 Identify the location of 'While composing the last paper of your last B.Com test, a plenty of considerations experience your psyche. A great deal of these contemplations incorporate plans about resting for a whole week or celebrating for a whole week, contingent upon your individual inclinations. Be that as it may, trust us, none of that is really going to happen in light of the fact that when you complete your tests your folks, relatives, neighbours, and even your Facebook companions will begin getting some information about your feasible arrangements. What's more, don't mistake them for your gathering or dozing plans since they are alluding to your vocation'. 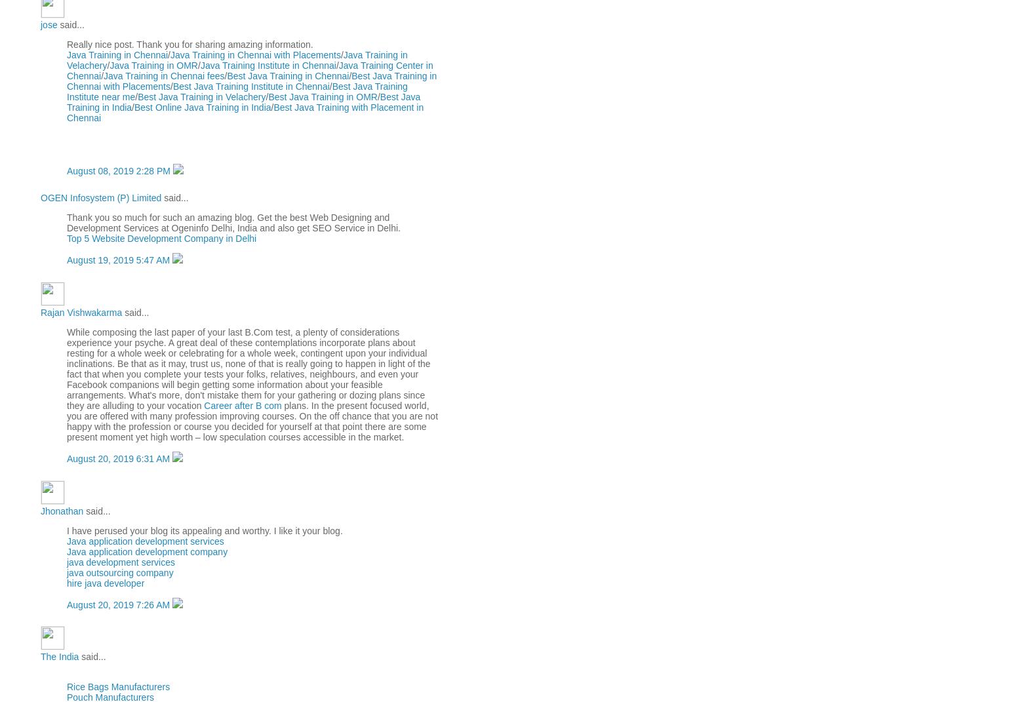
(247, 368).